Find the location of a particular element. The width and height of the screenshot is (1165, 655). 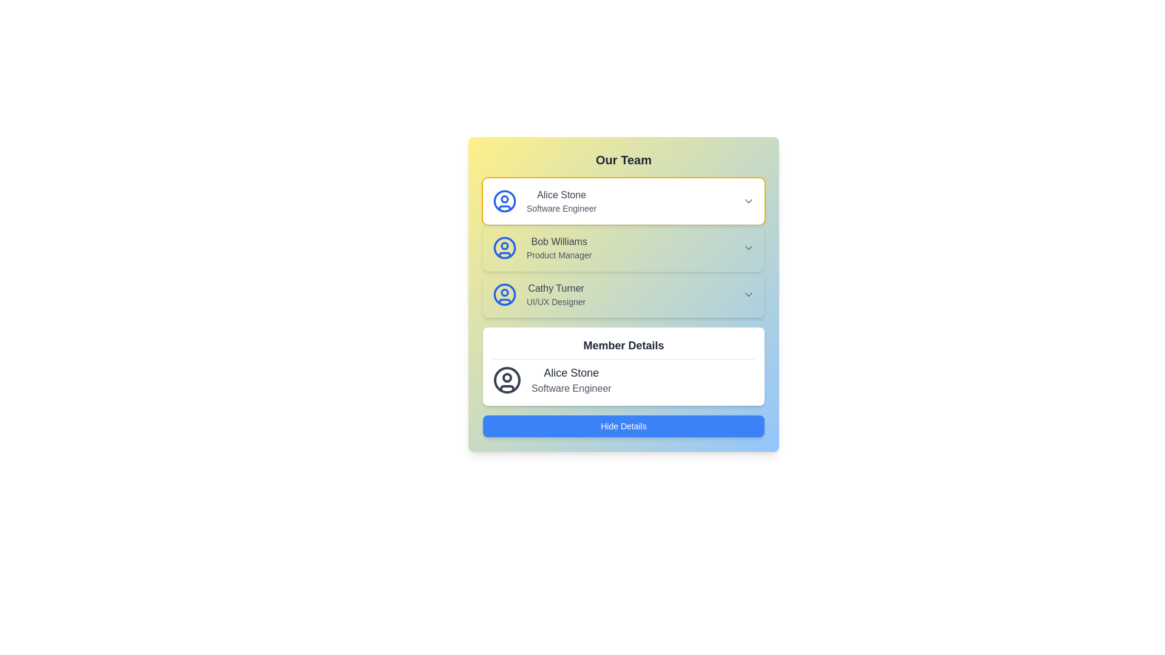

the text 'Alice Stone' in the user info card under the 'Our Team' heading to focus attention is located at coordinates (561, 194).